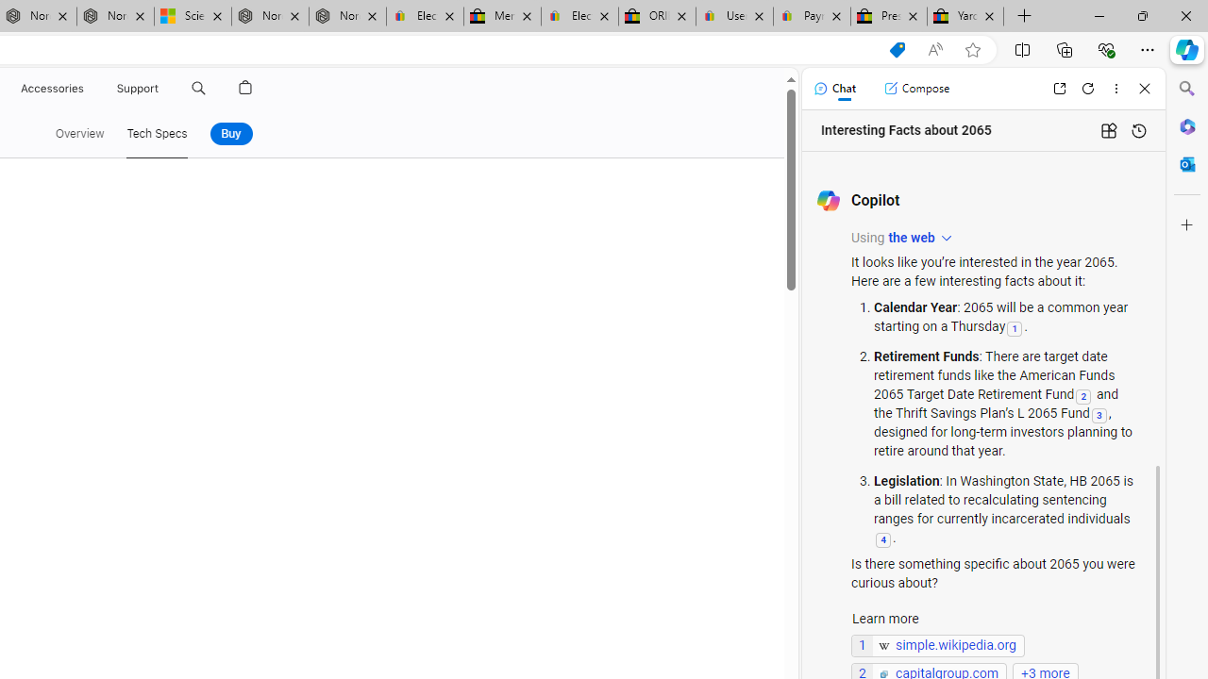 The width and height of the screenshot is (1208, 679). Describe the element at coordinates (86, 88) in the screenshot. I see `'Accessories menu'` at that location.